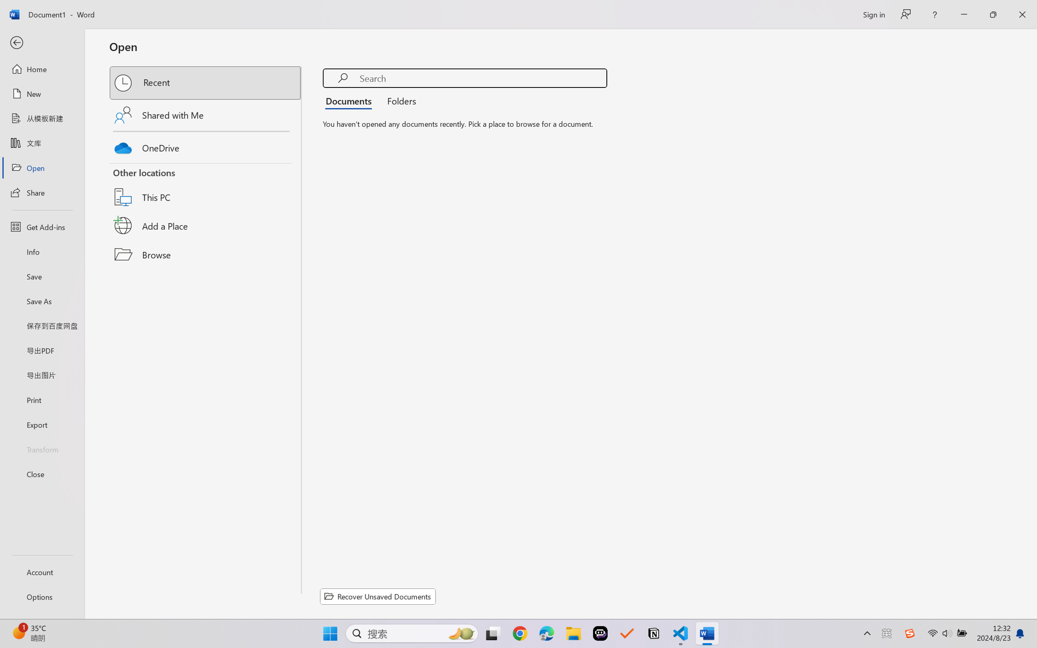 This screenshot has height=648, width=1037. I want to click on 'Transform', so click(42, 448).